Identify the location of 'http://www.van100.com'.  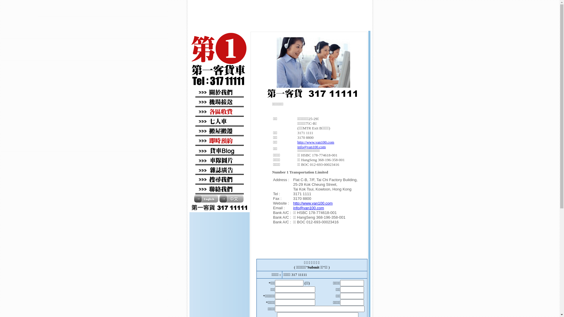
(313, 203).